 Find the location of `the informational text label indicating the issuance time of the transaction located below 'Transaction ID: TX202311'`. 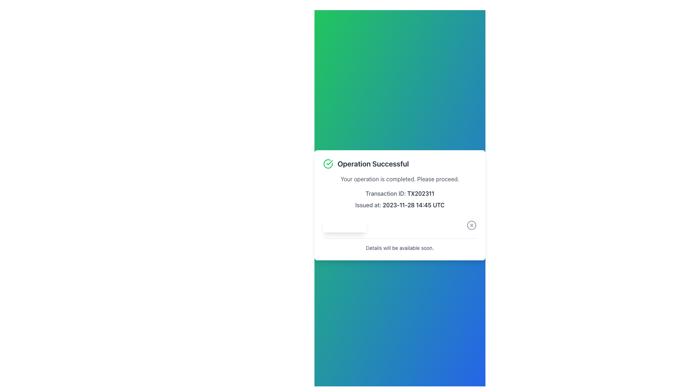

the informational text label indicating the issuance time of the transaction located below 'Transaction ID: TX202311' is located at coordinates (399, 205).